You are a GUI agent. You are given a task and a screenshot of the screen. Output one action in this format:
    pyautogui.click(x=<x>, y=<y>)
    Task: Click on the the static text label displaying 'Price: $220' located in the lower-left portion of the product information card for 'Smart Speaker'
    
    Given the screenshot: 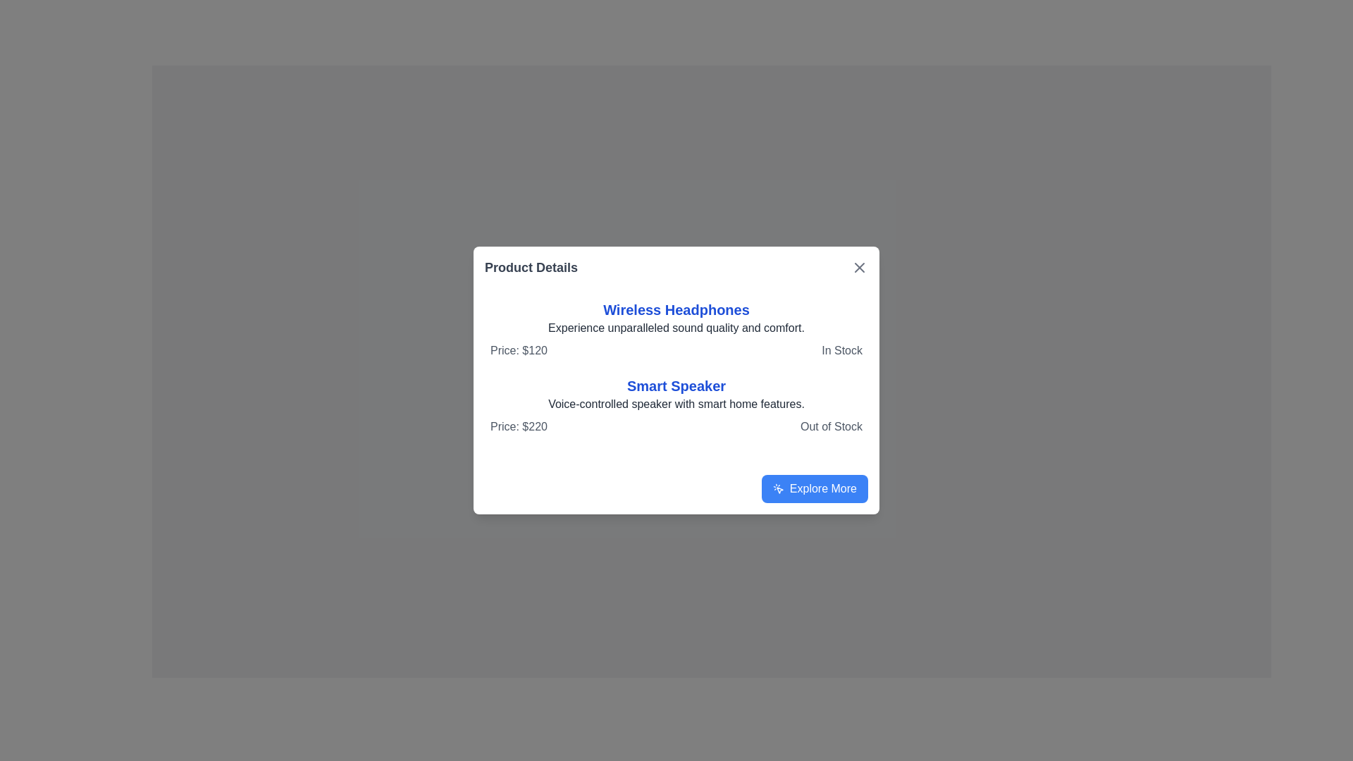 What is the action you would take?
    pyautogui.click(x=518, y=426)
    